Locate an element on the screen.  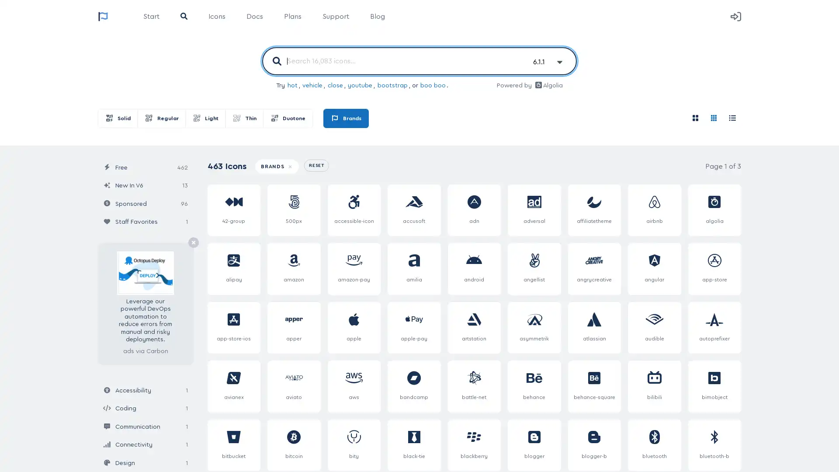
accusoft is located at coordinates (413, 216).